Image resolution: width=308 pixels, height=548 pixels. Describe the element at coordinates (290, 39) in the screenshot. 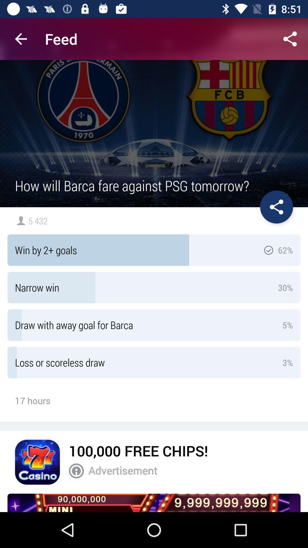

I see `share feed` at that location.